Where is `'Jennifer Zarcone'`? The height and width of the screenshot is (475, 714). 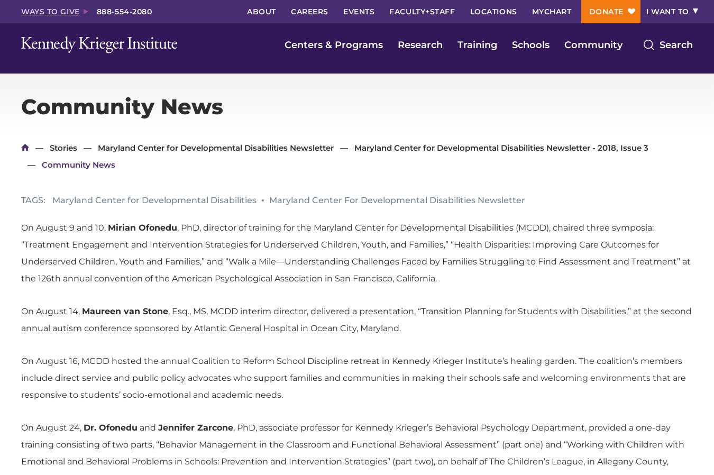
'Jennifer Zarcone' is located at coordinates (196, 427).